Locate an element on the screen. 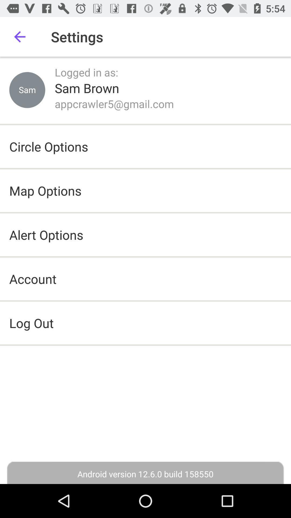 Image resolution: width=291 pixels, height=518 pixels. the log out icon is located at coordinates (145, 323).